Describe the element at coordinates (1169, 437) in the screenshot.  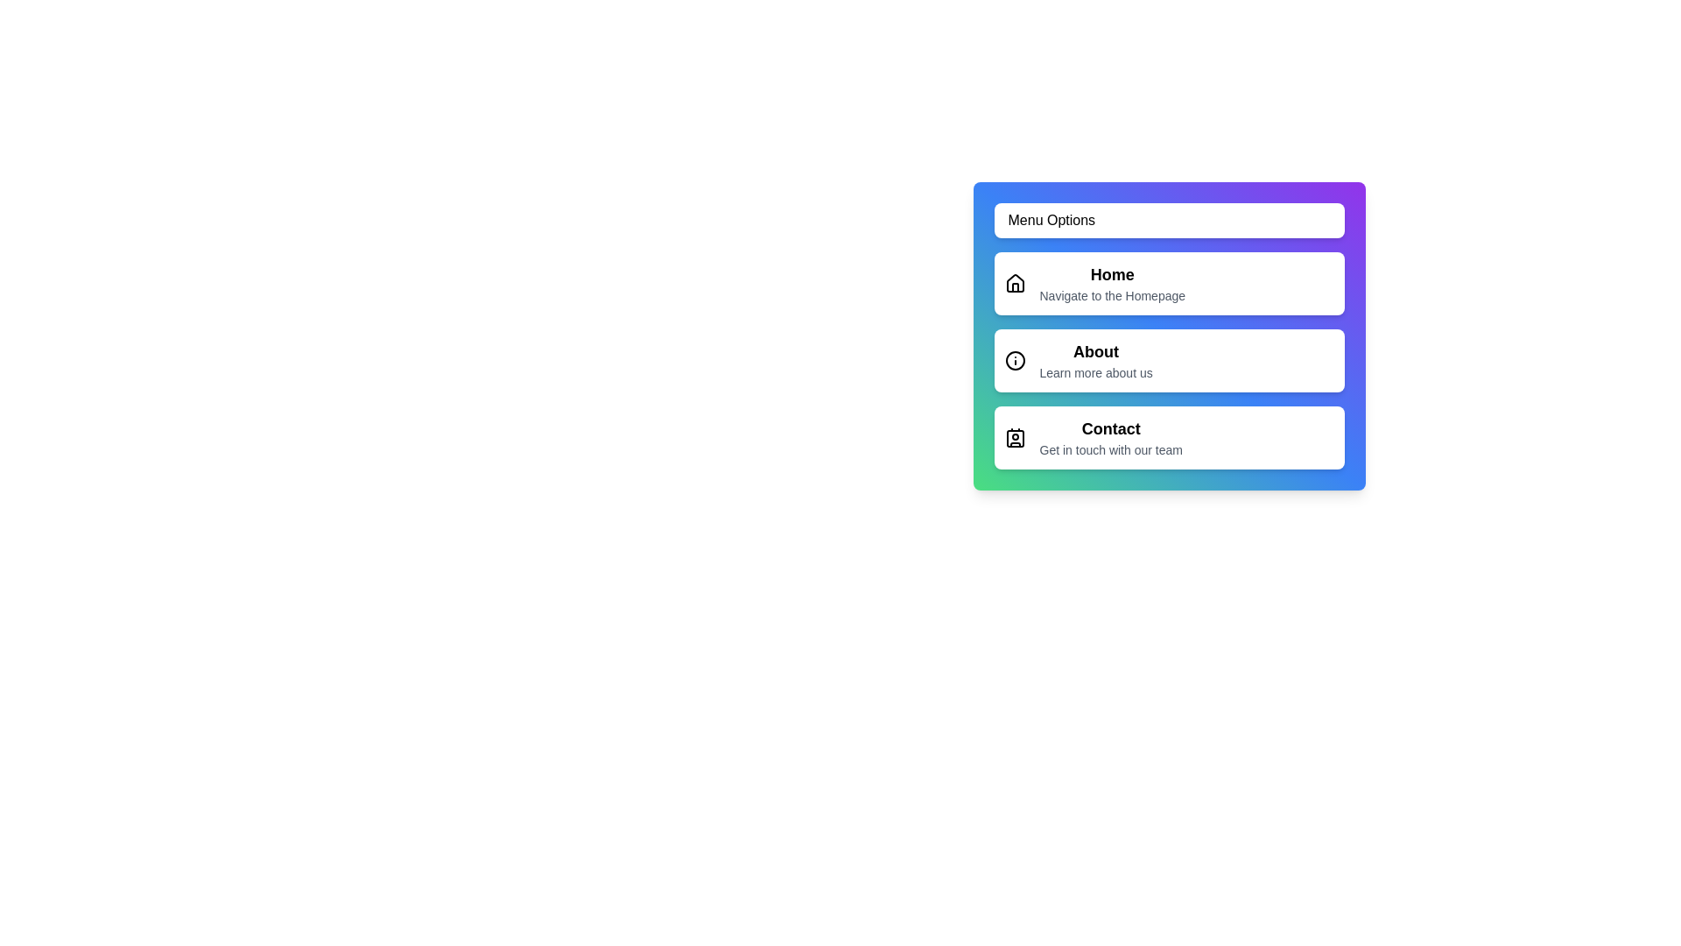
I see `the menu item Contact from the menu` at that location.